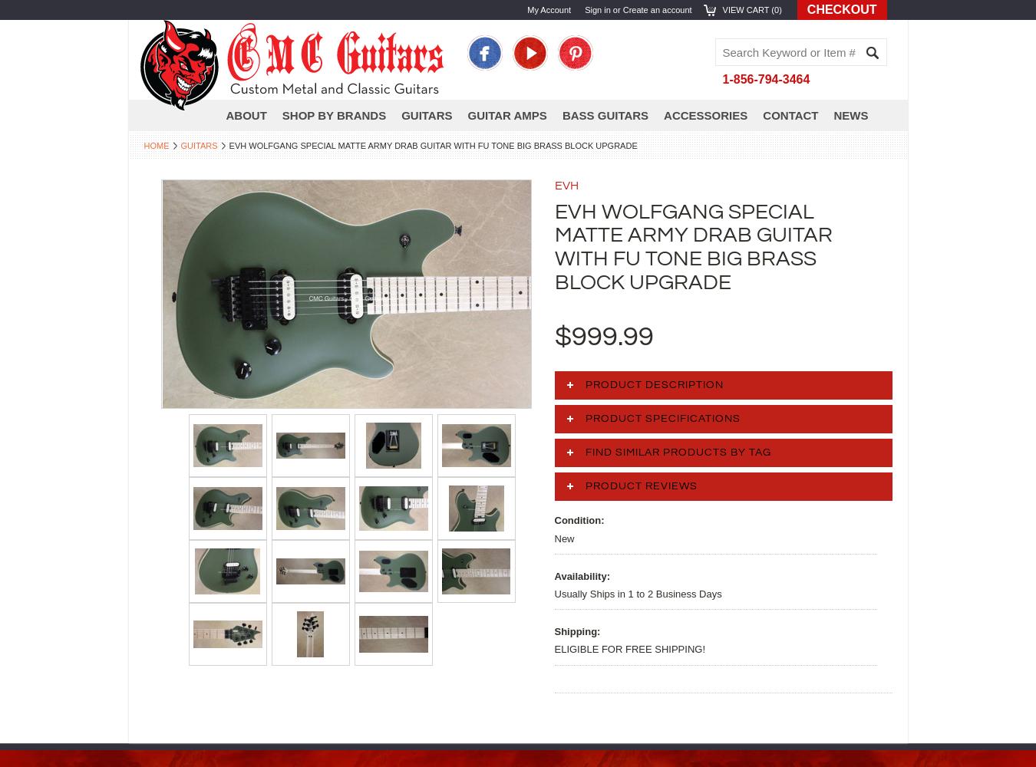  What do you see at coordinates (678, 452) in the screenshot?
I see `'Find Similar Products by Tag'` at bounding box center [678, 452].